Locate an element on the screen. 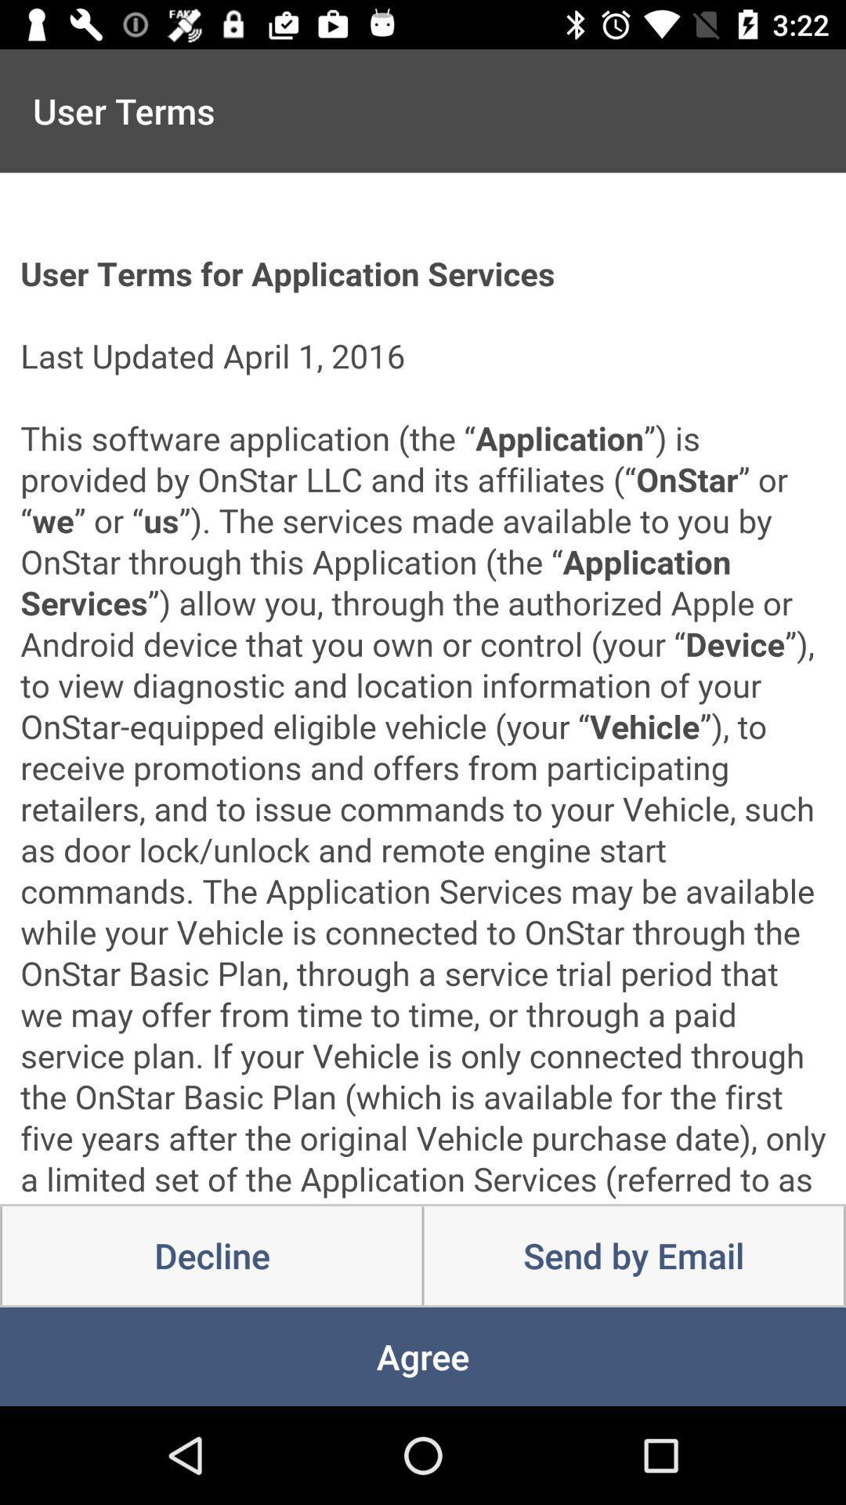 This screenshot has width=846, height=1505. icon to the left of the send by email icon is located at coordinates (211, 1256).